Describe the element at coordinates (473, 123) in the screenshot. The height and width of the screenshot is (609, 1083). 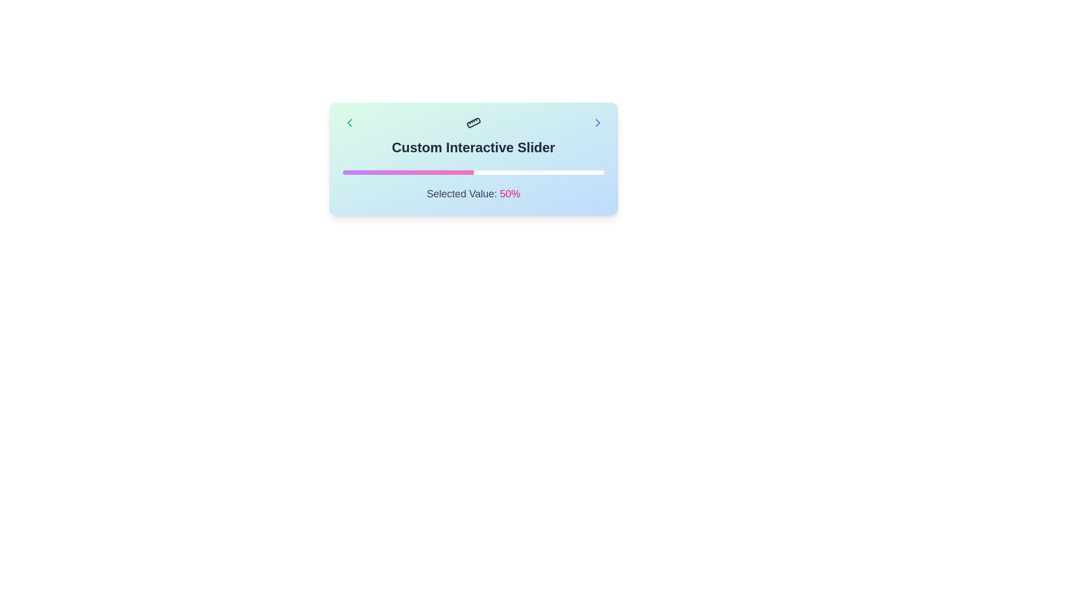
I see `the SVG ruler icon located at the top center of the card layout, which features a dark outline and is visually centered within the header section` at that location.